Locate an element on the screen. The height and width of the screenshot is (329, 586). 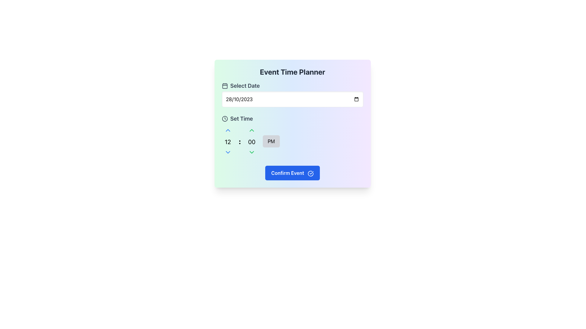
the Button with an upward-facing chevron icon located at the top-center of the time adjustment section is located at coordinates (252, 130).